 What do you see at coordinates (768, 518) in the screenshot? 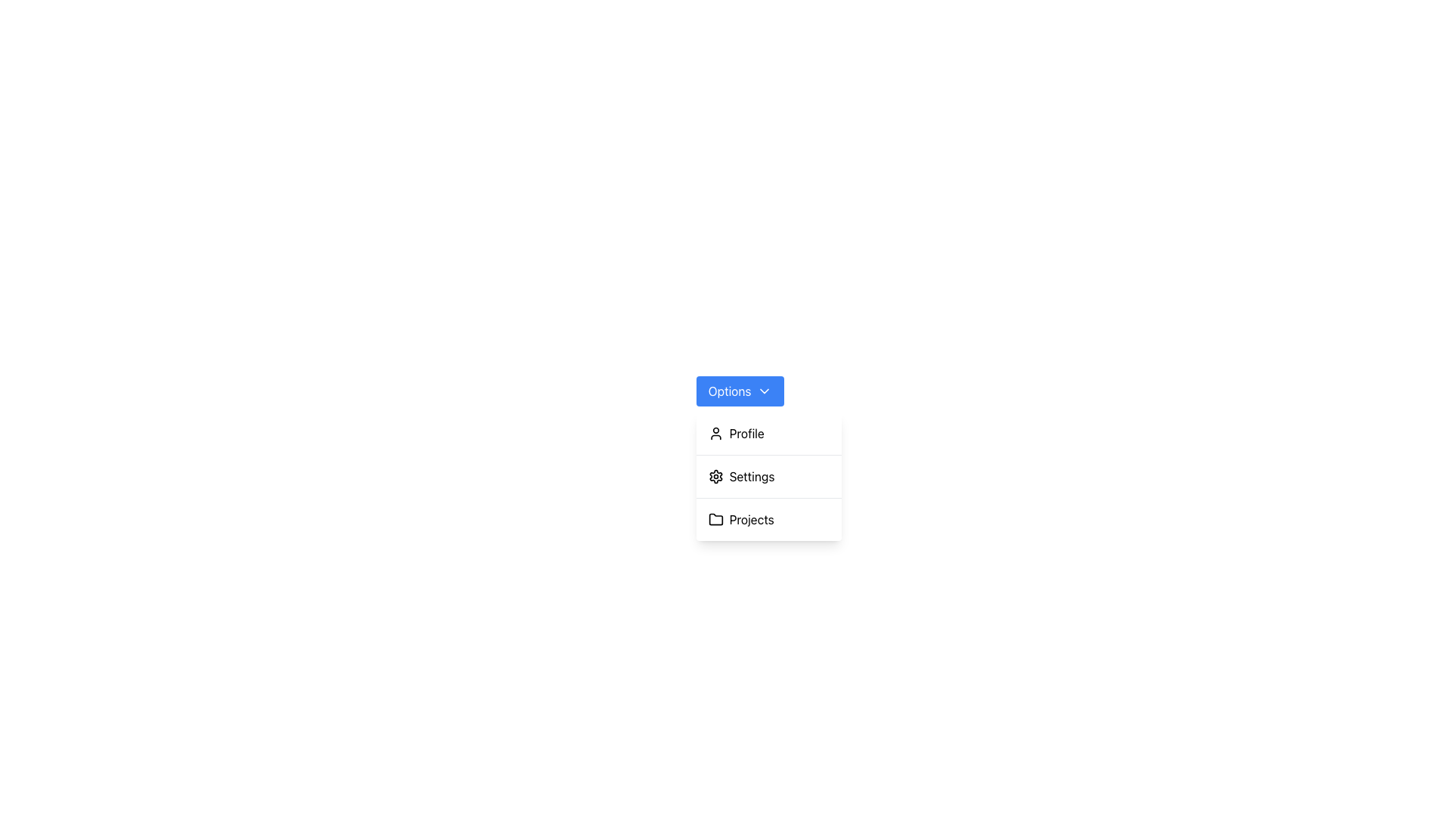
I see `the 'Projects' menu item, which is the last item in the vertical navigation menu containing an icon resembling a folder and the text label 'Projects'` at bounding box center [768, 518].